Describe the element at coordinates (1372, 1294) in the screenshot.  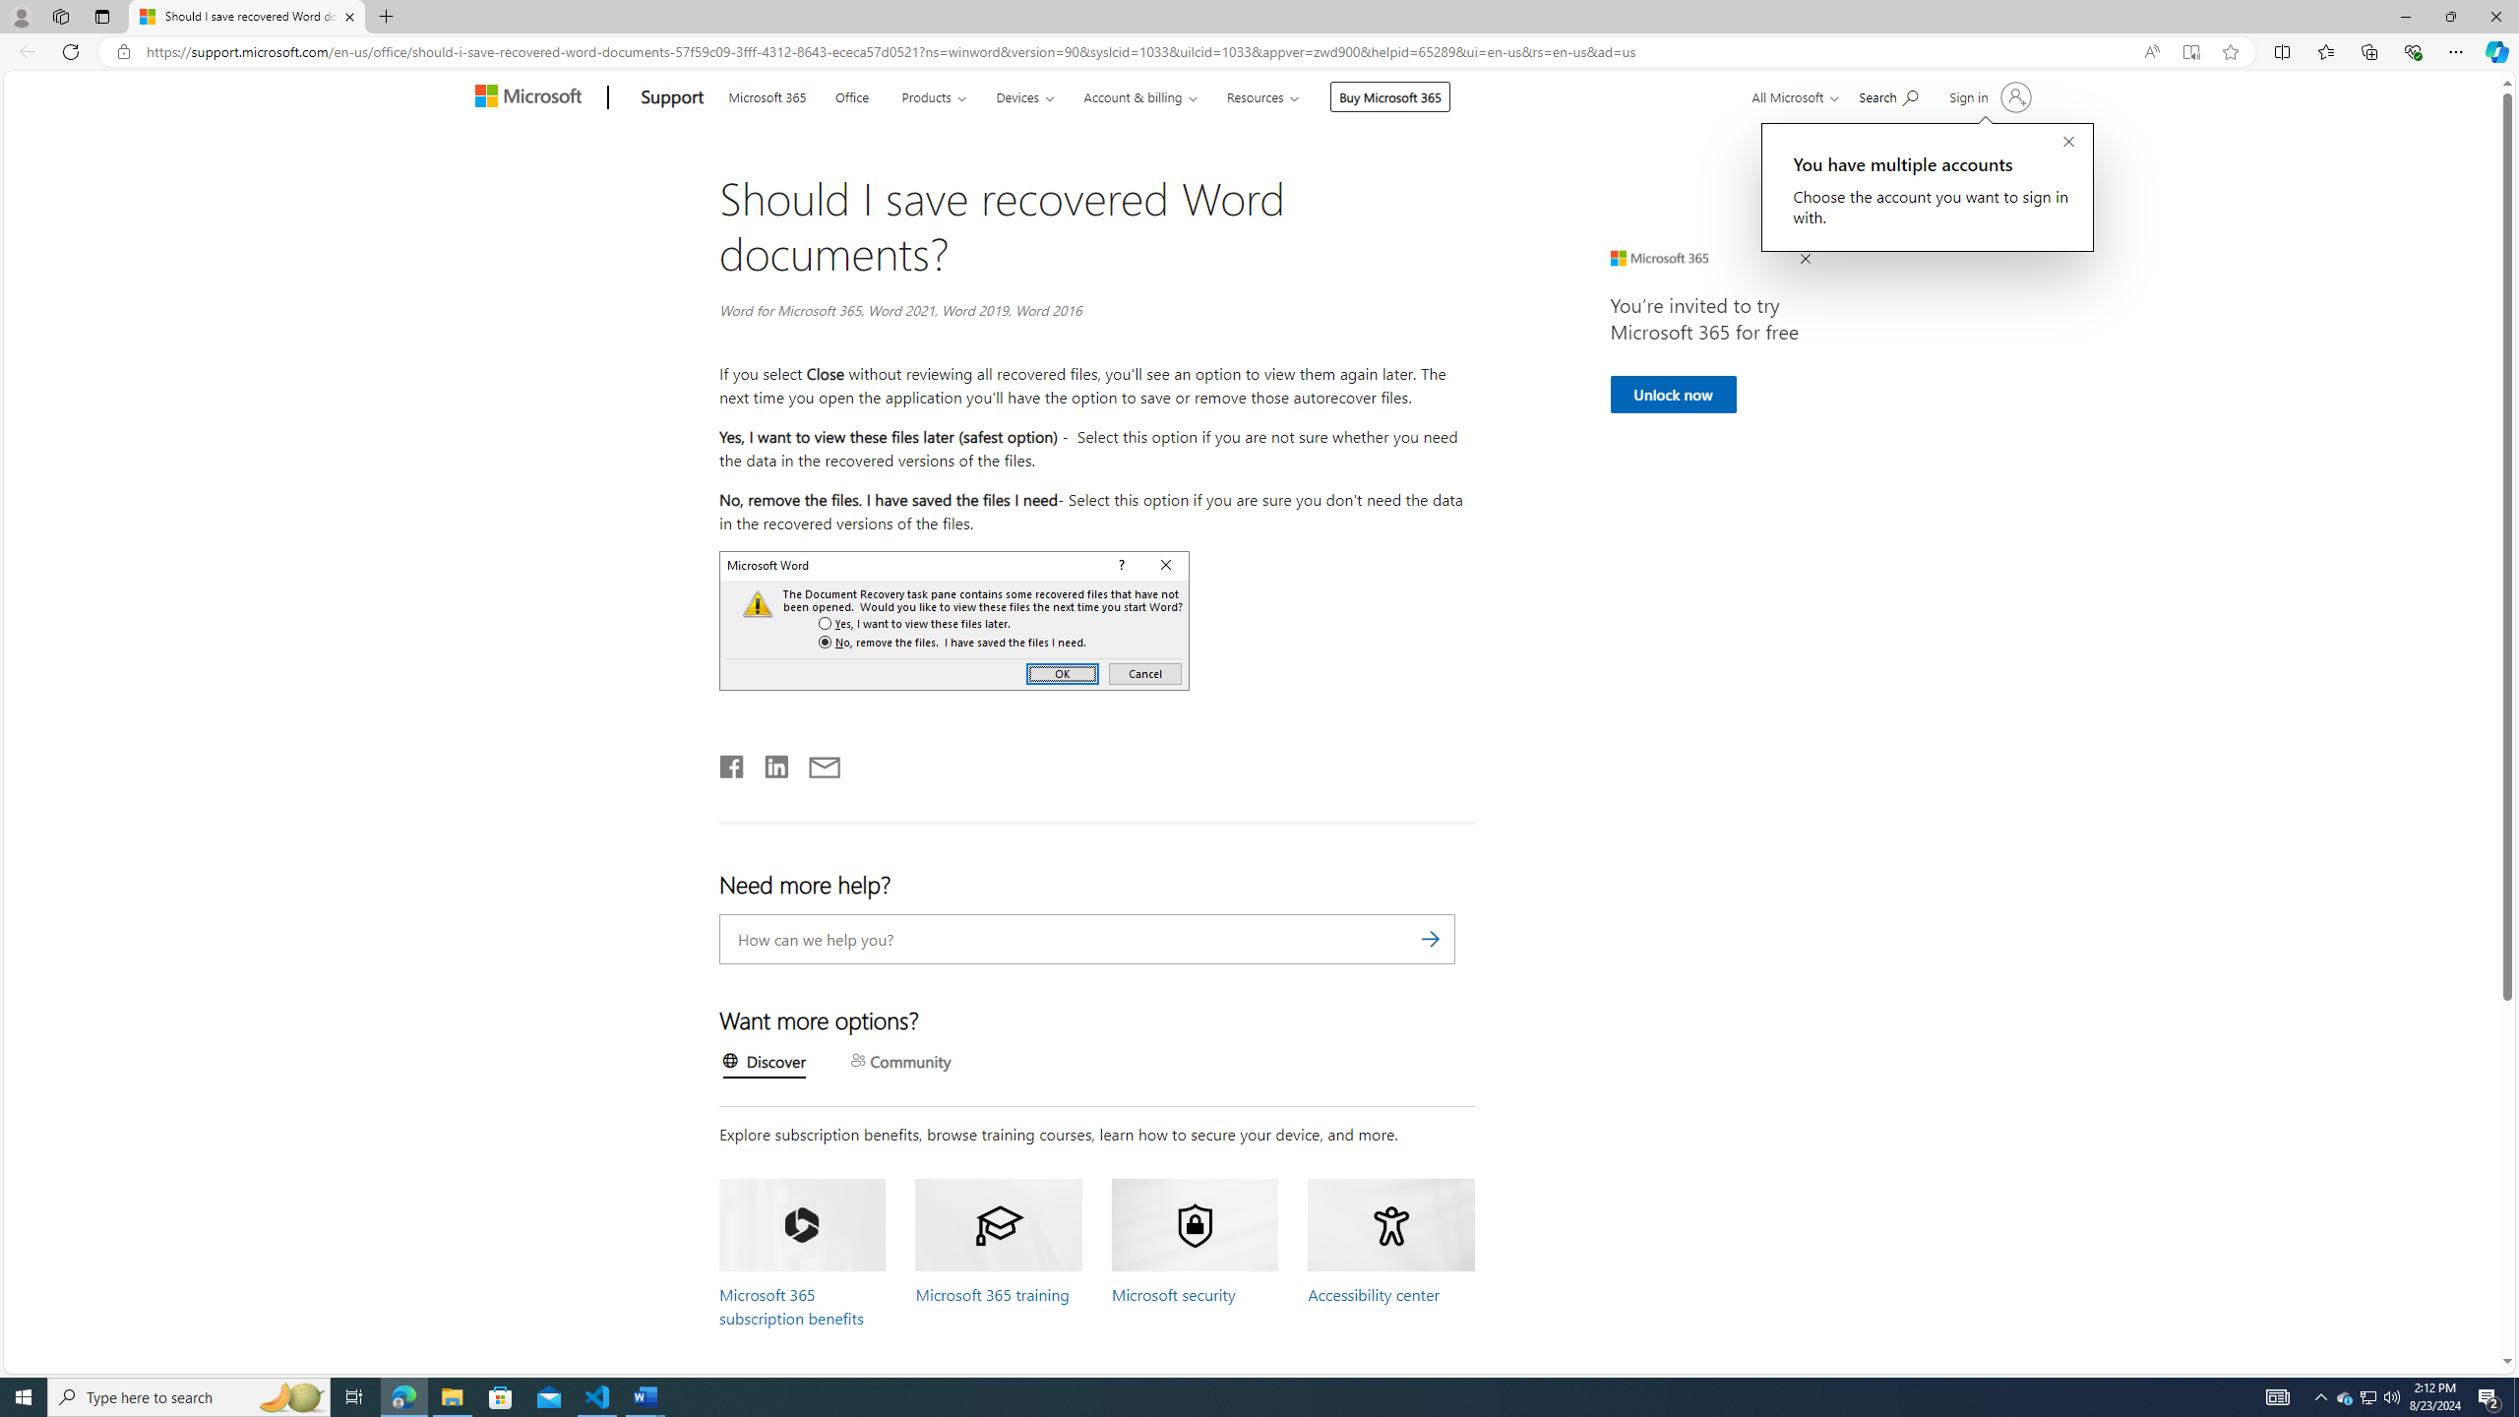
I see `'Accessibility center'` at that location.